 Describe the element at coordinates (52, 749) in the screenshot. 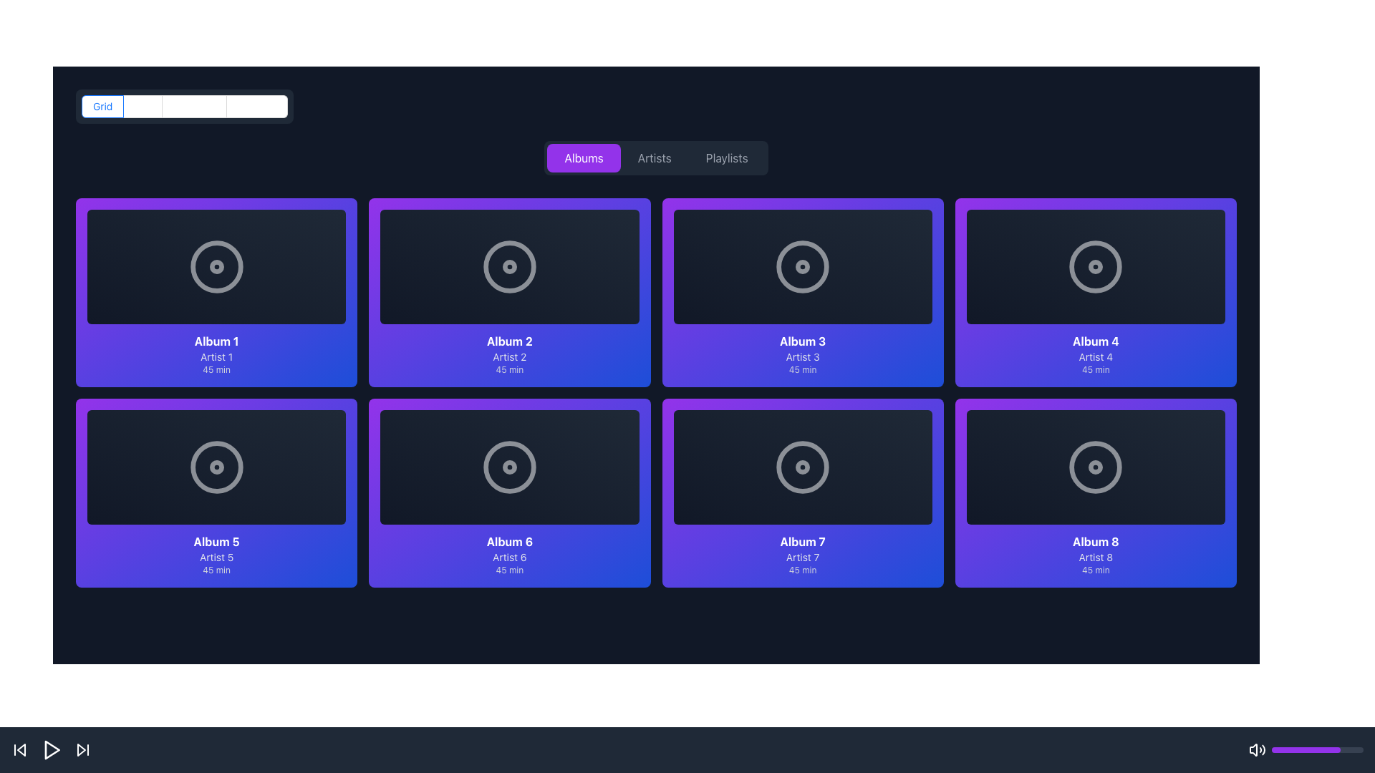

I see `the play button located at the bottom-left corner of the interface to change its color` at that location.